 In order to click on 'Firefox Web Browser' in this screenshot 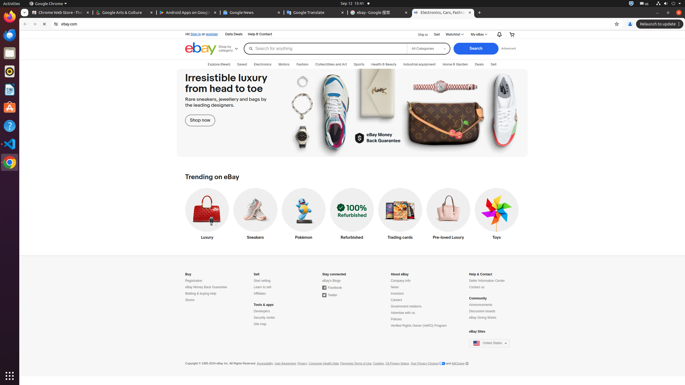, I will do `click(10, 16)`.